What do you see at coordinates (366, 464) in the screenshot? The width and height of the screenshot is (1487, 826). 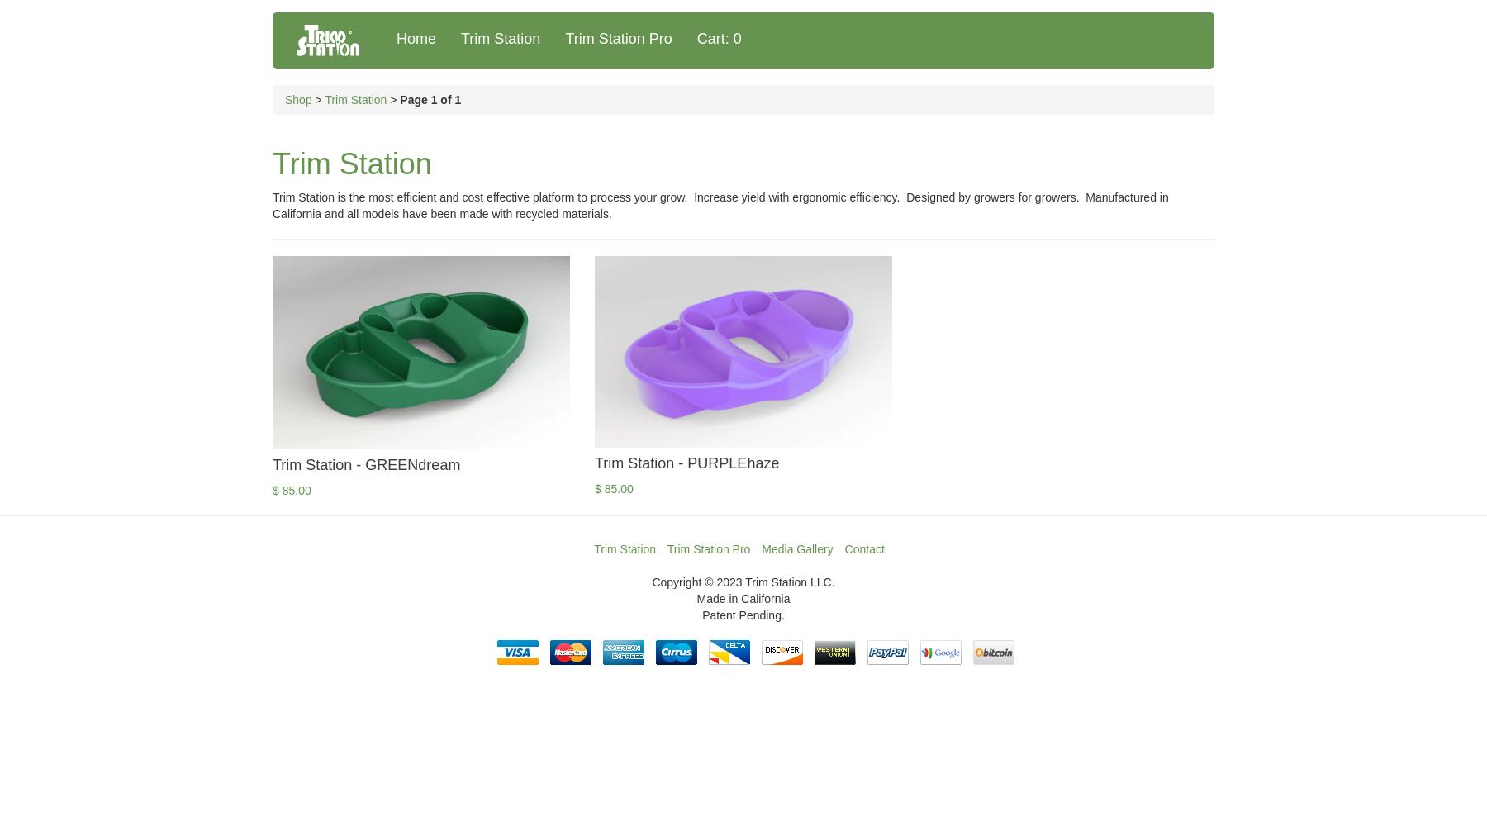 I see `'Trim Station - GREENdream'` at bounding box center [366, 464].